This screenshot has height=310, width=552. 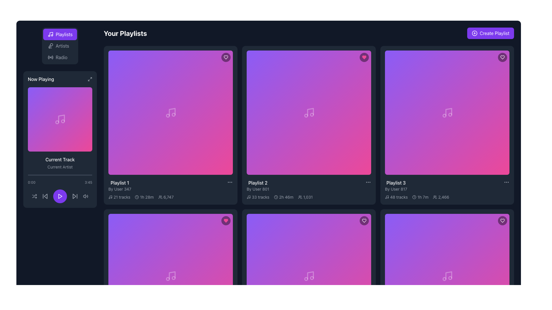 I want to click on the small circular button with a black translucent background and pink heart icon in the top-right corner of 'Playlist 2' to mark the playlist as favorite, so click(x=226, y=220).